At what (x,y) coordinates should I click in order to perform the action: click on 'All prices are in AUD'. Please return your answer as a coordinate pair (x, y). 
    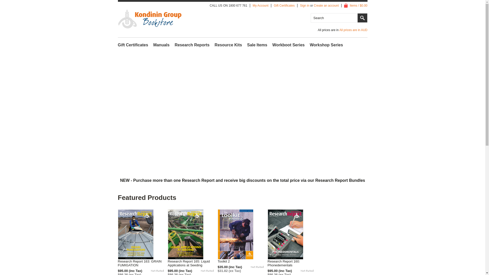
    Looking at the image, I should click on (339, 30).